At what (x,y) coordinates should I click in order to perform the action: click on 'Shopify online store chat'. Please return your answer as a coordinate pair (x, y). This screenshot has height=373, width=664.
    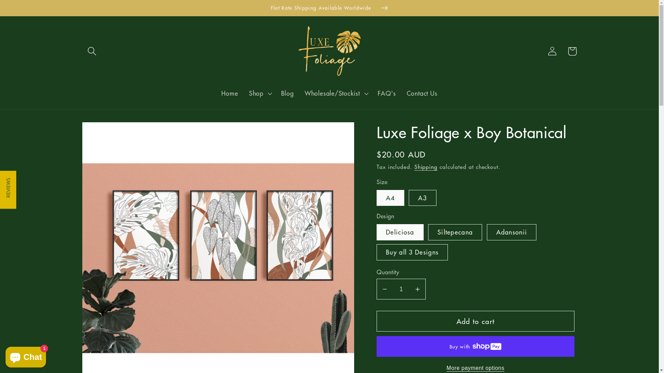
    Looking at the image, I should click on (26, 355).